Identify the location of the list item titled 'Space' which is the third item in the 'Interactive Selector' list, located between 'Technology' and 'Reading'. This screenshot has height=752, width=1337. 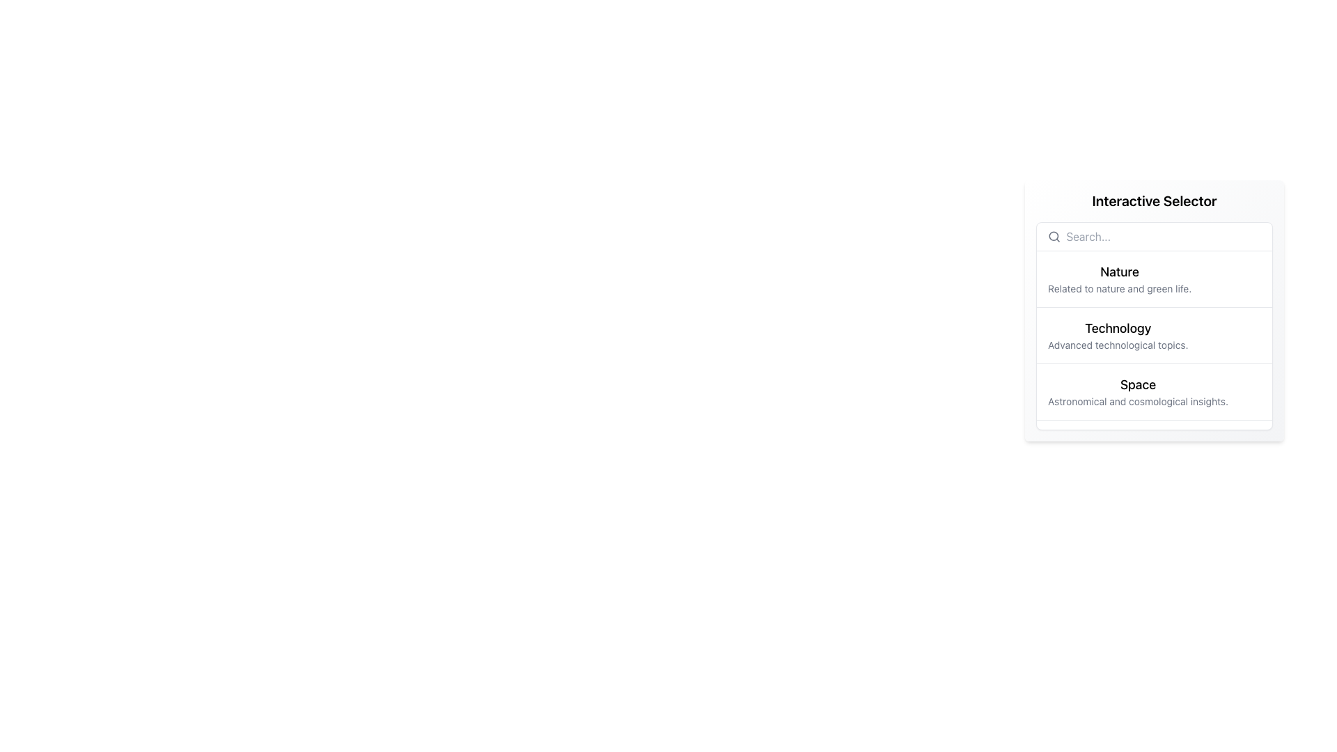
(1154, 392).